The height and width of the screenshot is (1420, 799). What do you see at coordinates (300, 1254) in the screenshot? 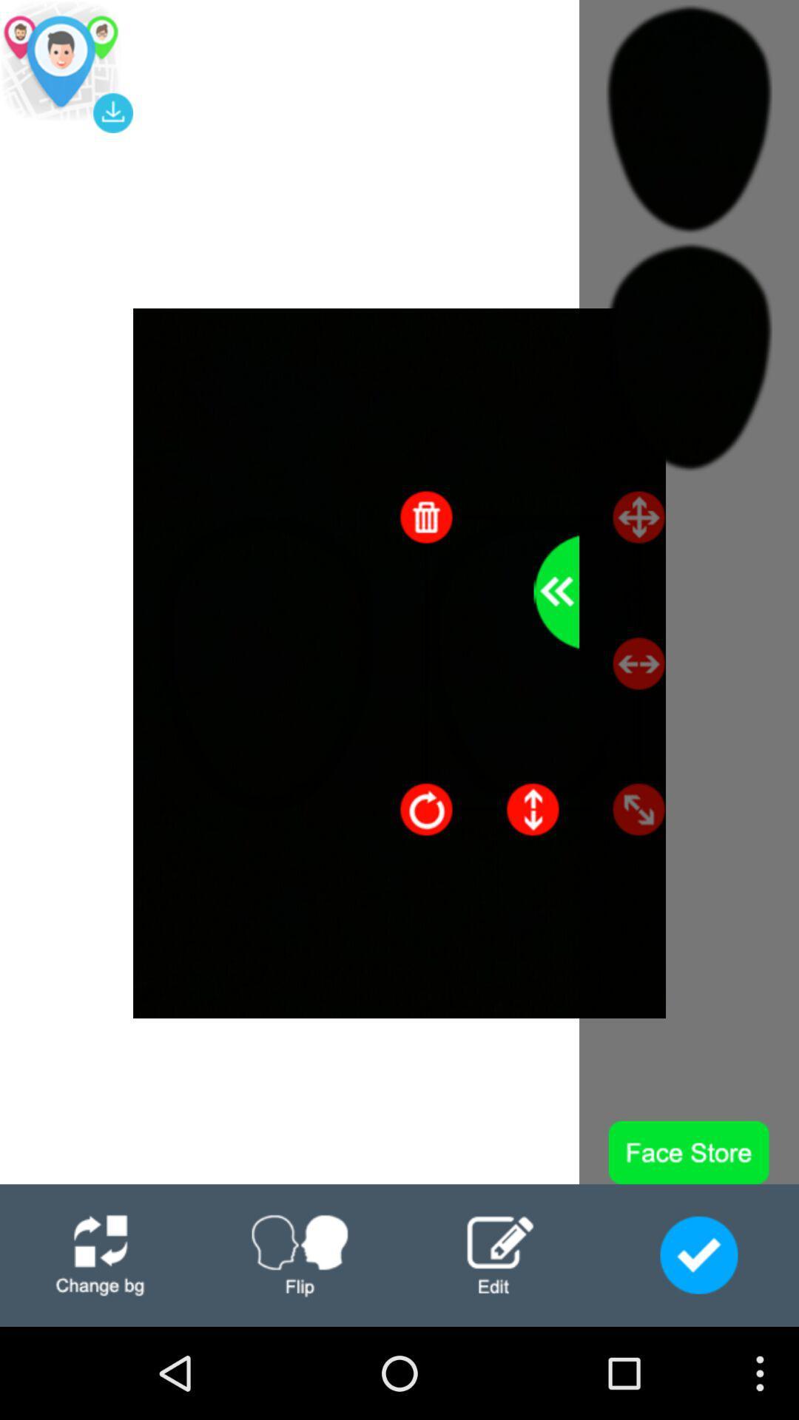
I see `fip option` at bounding box center [300, 1254].